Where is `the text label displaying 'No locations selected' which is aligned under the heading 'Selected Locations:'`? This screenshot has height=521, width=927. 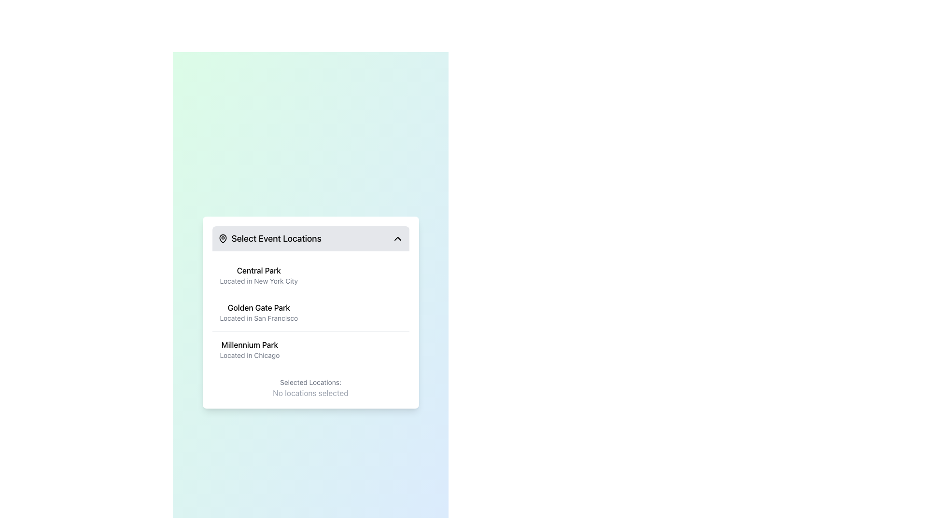 the text label displaying 'No locations selected' which is aligned under the heading 'Selected Locations:' is located at coordinates (310, 393).